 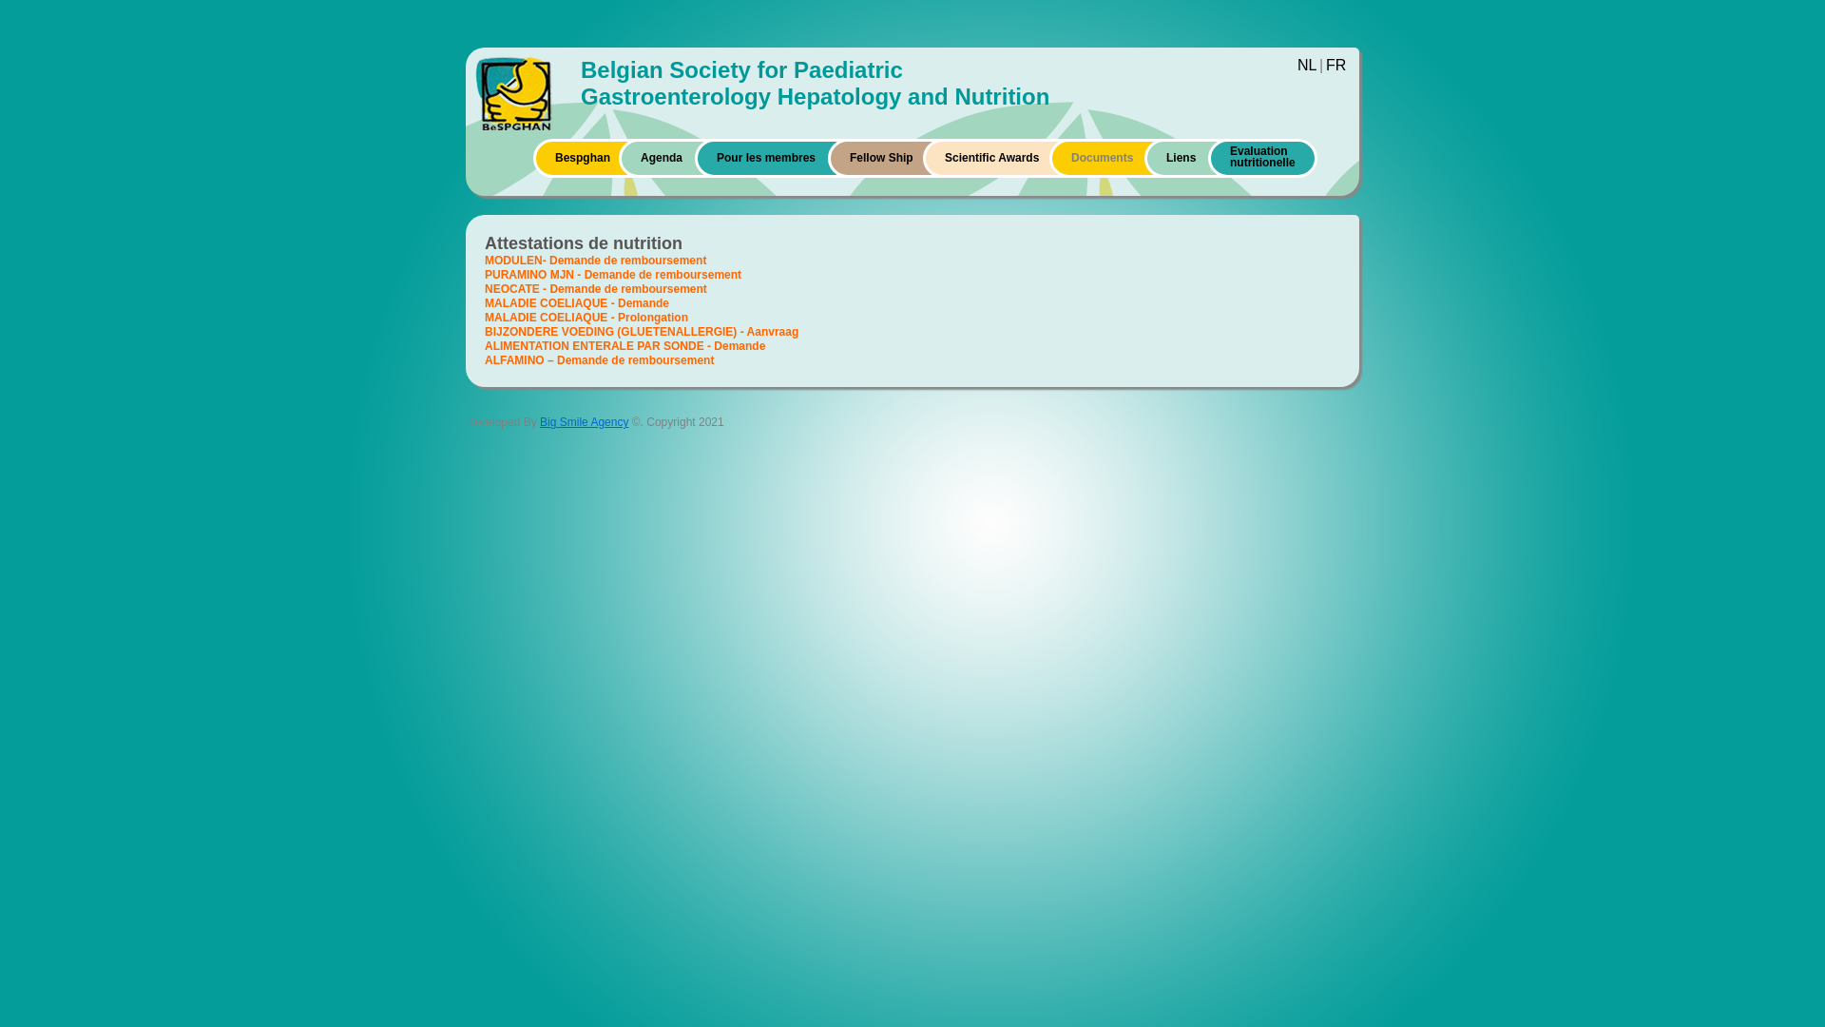 I want to click on 'Documents', so click(x=1071, y=156).